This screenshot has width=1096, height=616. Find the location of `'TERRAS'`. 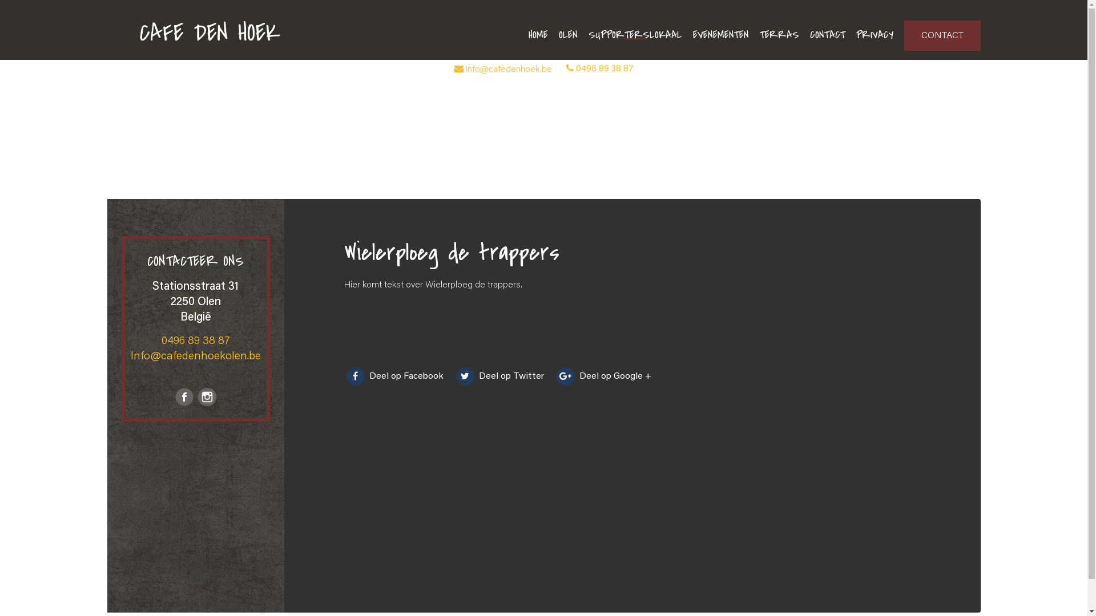

'TERRAS' is located at coordinates (759, 34).